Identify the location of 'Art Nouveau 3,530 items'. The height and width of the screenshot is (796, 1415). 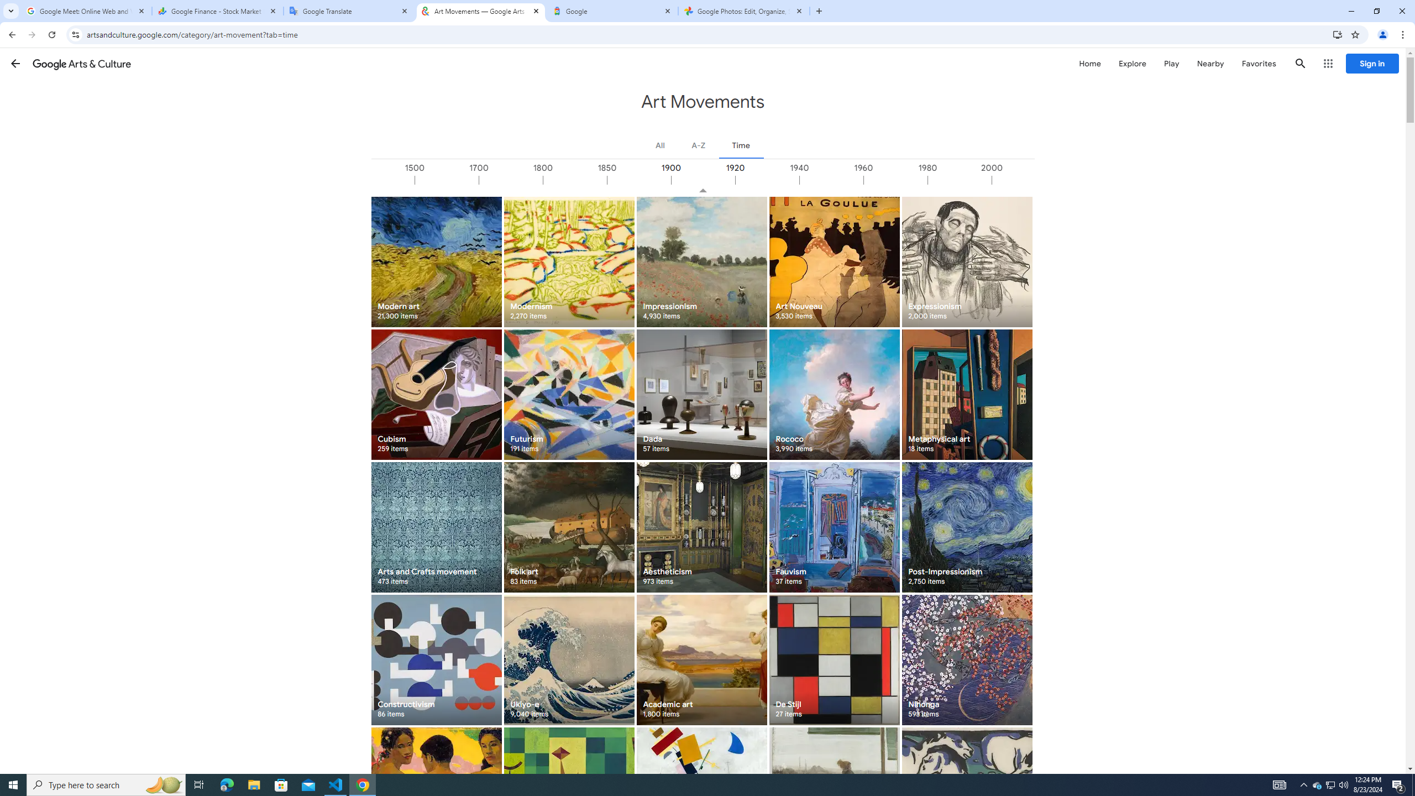
(834, 261).